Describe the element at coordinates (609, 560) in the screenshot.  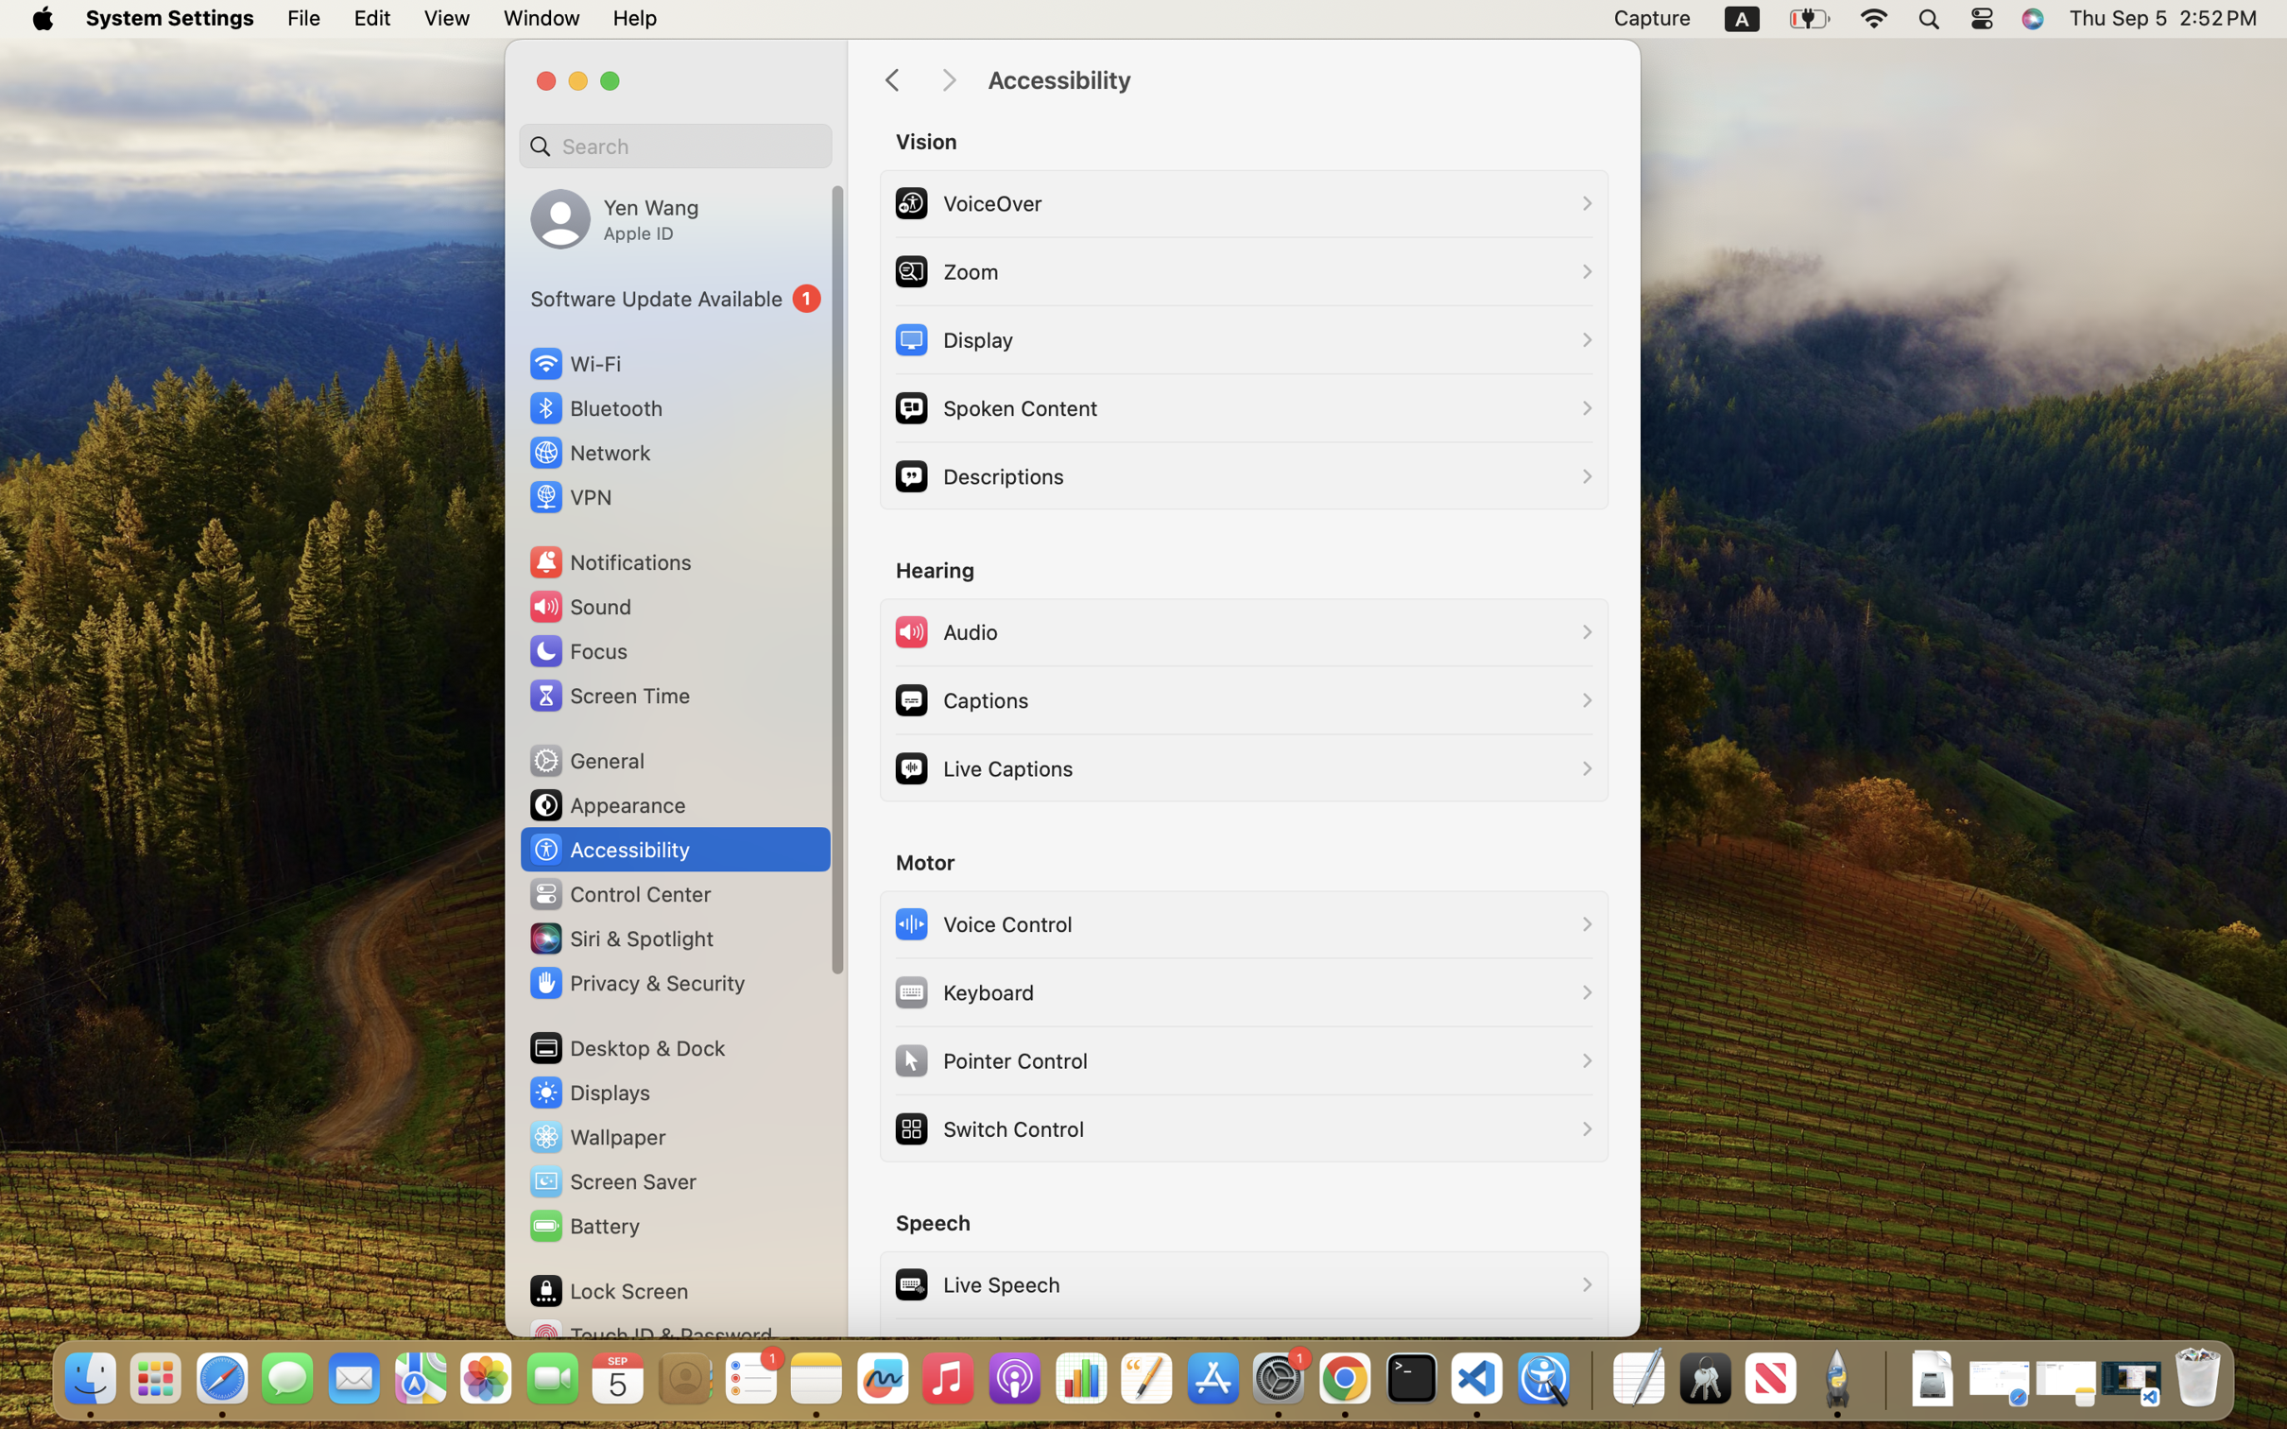
I see `'Notifications'` at that location.